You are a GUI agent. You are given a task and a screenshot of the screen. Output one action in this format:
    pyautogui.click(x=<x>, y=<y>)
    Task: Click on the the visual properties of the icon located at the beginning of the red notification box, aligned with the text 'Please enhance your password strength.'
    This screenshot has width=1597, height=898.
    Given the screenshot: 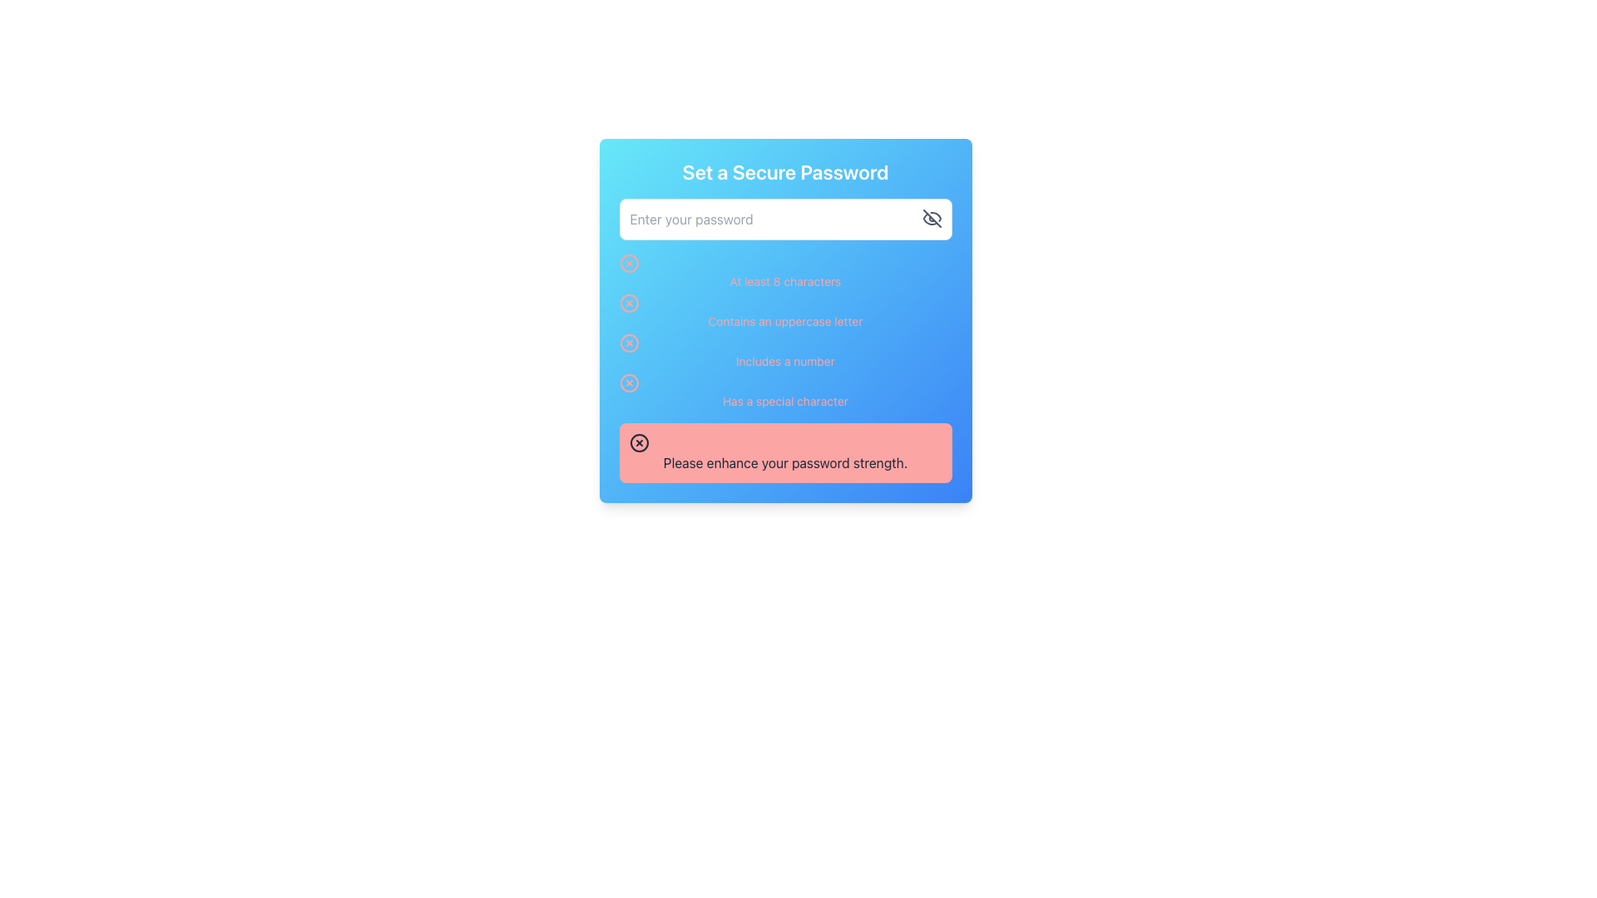 What is the action you would take?
    pyautogui.click(x=638, y=442)
    